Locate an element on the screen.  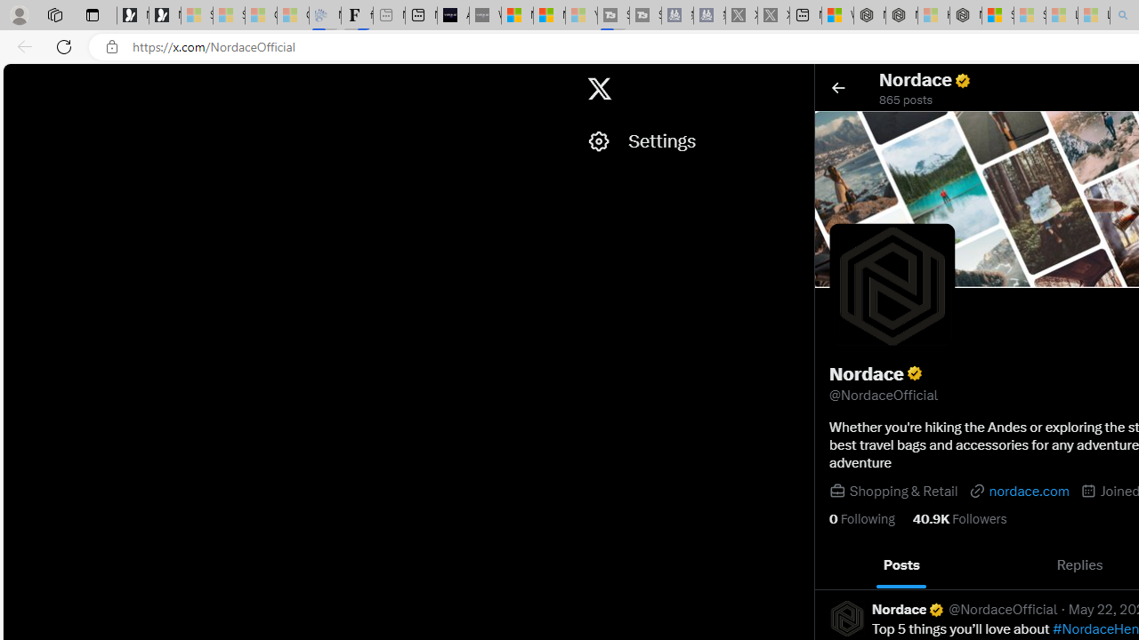
'Provides details about verified accounts.' is located at coordinates (914, 372).